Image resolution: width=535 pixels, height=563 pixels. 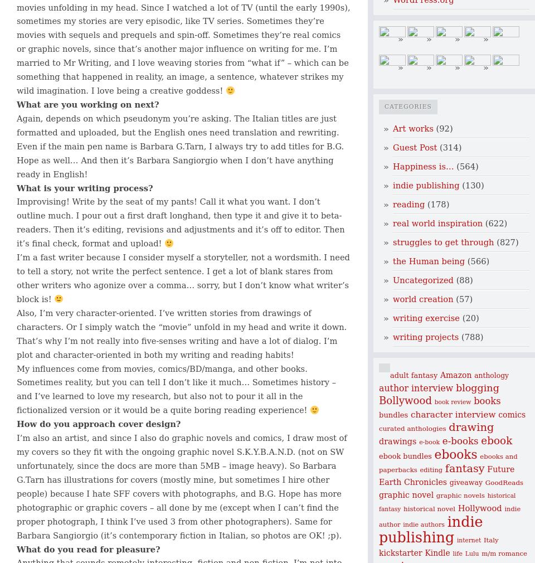 I want to click on 'GoodReads', so click(x=504, y=482).